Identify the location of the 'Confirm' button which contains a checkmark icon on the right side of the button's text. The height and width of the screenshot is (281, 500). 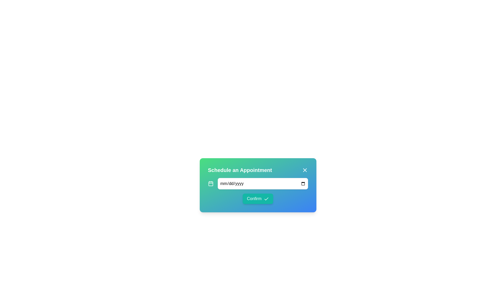
(266, 199).